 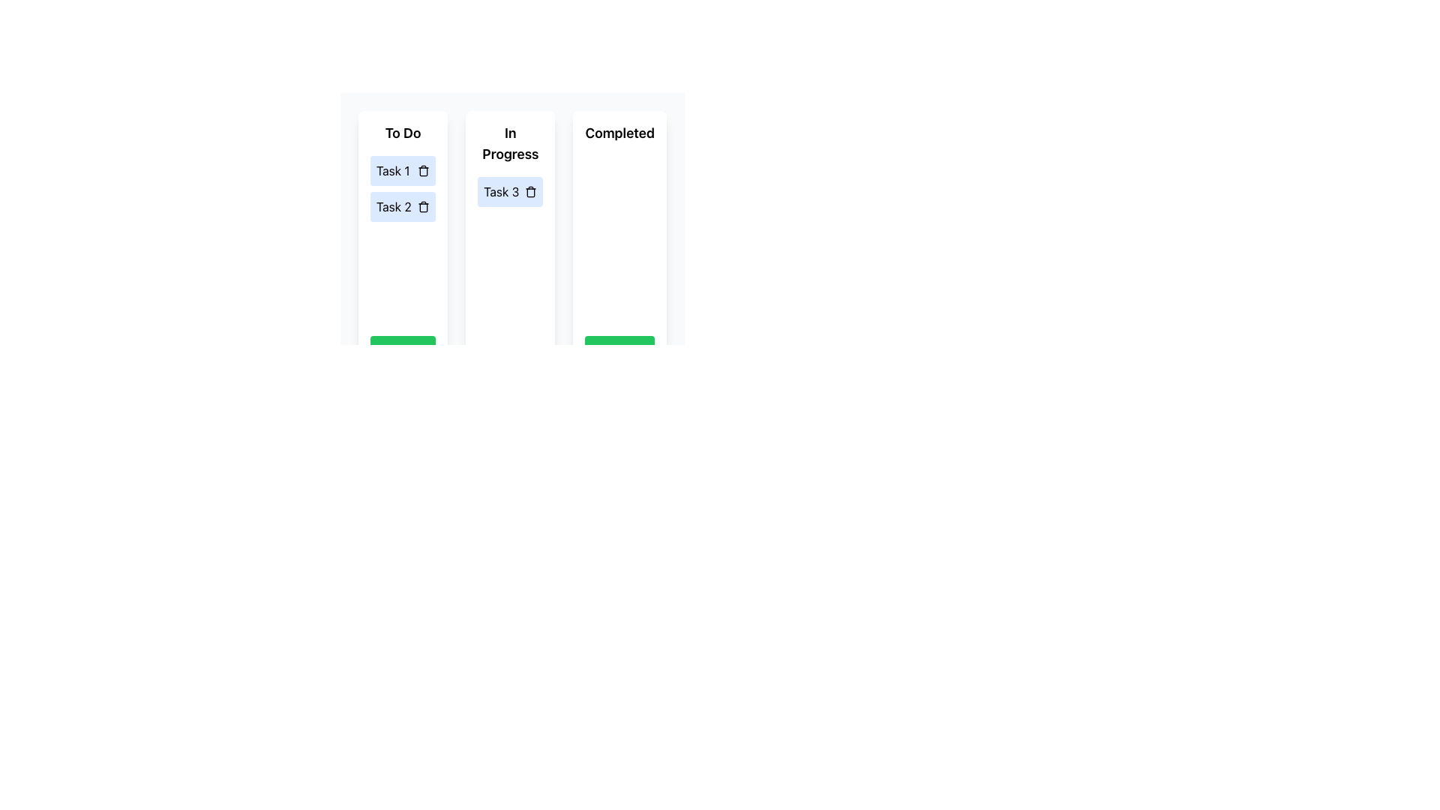 I want to click on the 'Task 1' text in the first Task card located in the 'To Do' column to focus or edit the task, so click(x=403, y=169).